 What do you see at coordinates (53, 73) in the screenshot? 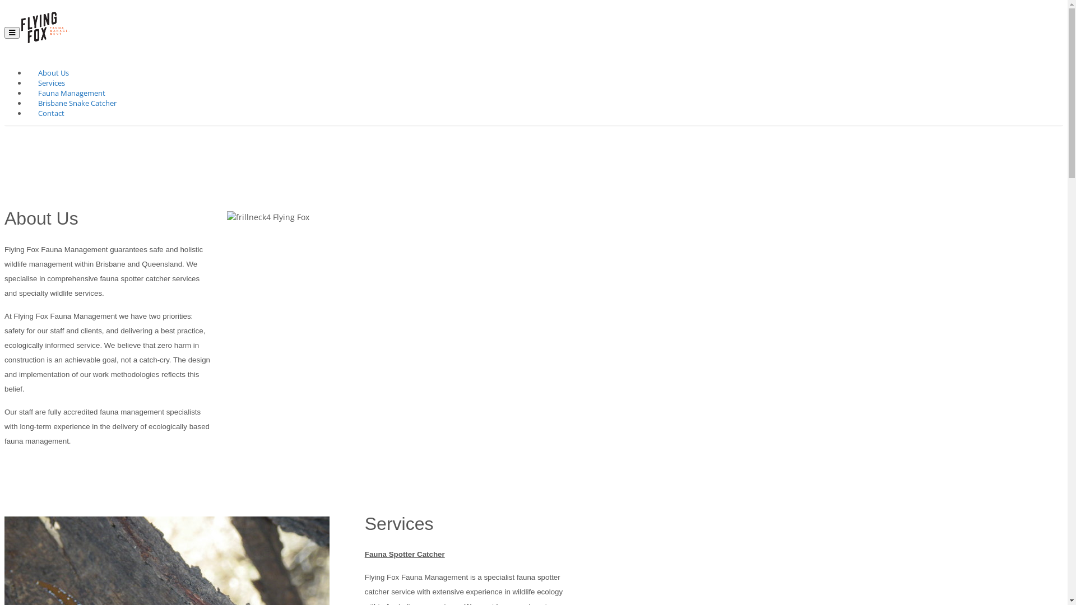
I see `'About Us'` at bounding box center [53, 73].